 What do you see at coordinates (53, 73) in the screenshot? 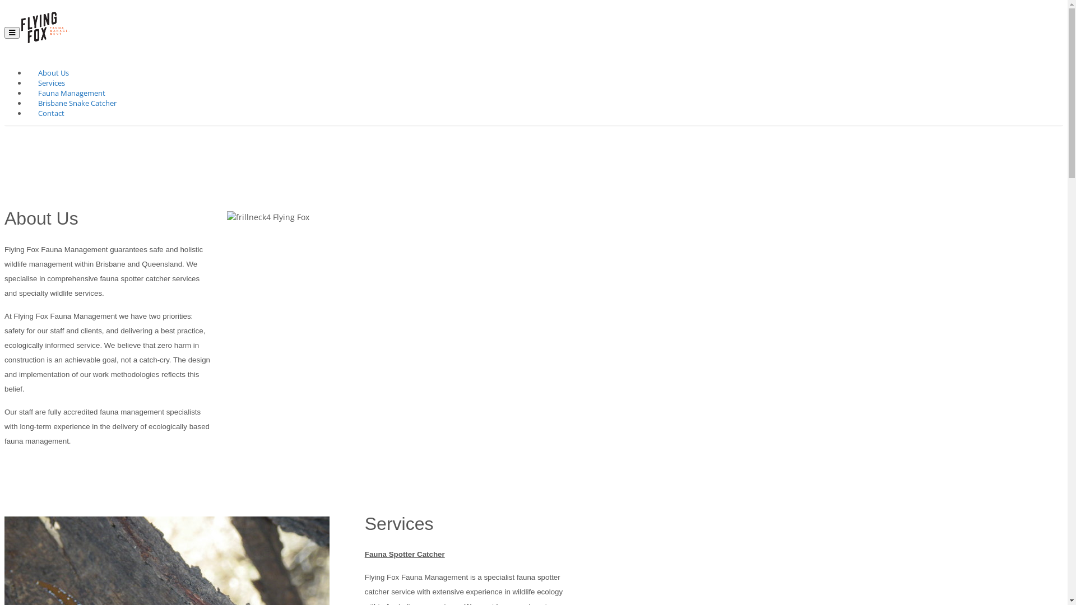
I see `'About Us'` at bounding box center [53, 73].